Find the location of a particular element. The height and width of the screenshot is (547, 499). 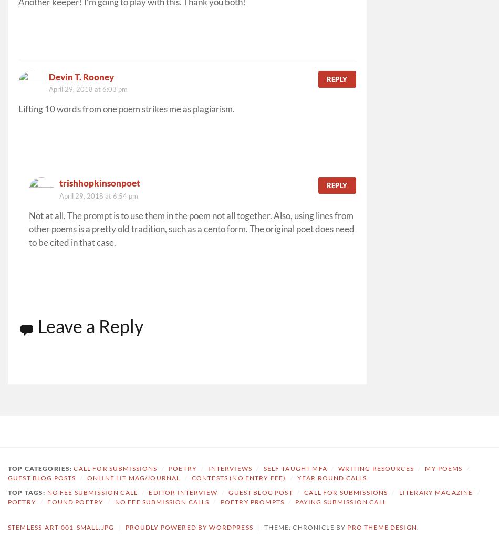

'stemless-art-001-small.jpg' is located at coordinates (60, 527).